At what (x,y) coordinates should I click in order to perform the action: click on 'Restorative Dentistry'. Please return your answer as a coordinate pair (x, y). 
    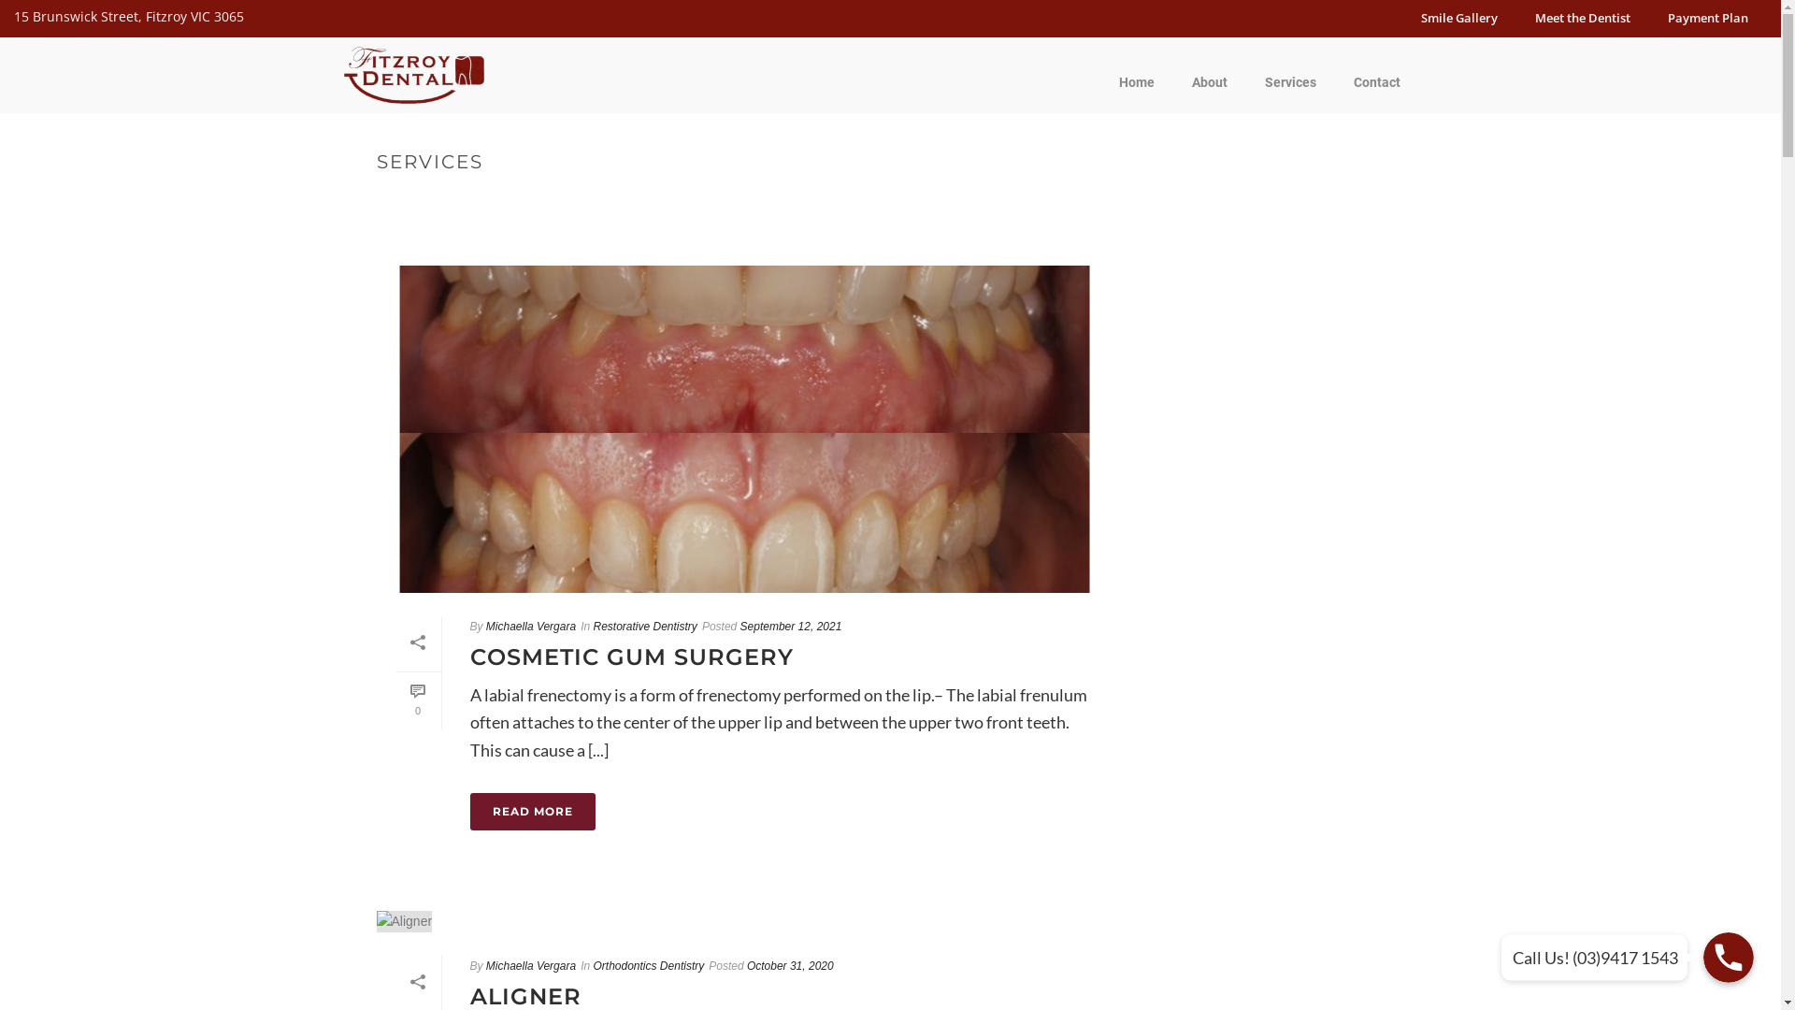
    Looking at the image, I should click on (591, 627).